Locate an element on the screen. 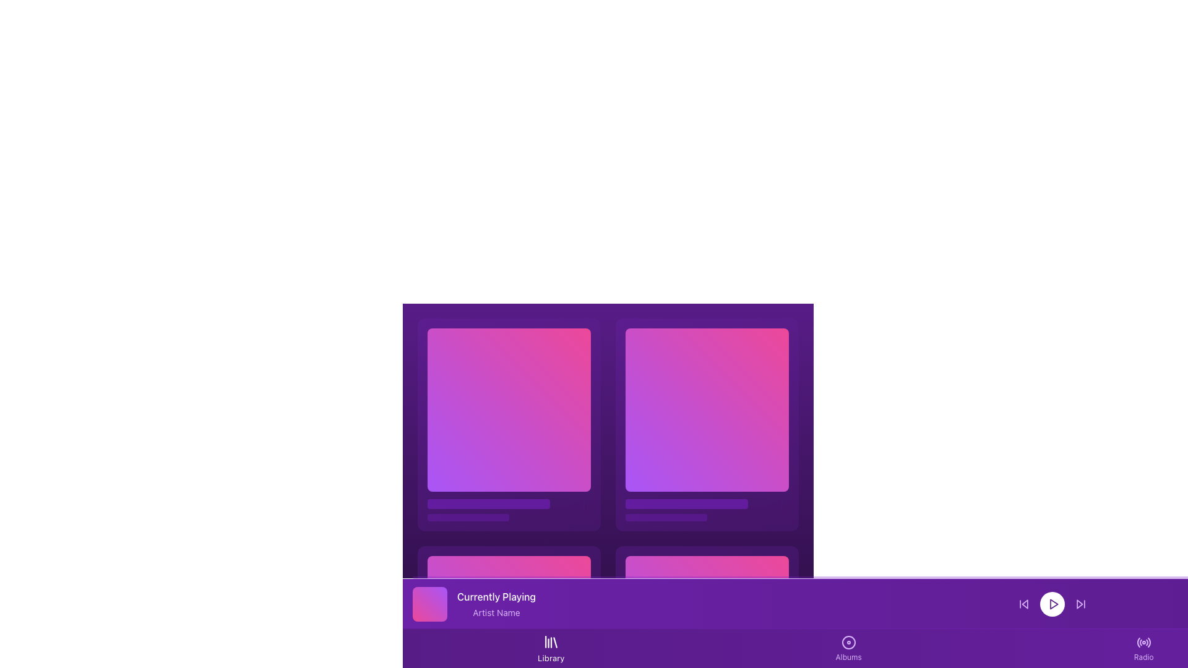  the 'Albums' Navigation Button, which features a circular album disc icon and a lighter purple text label, located second from the left on the bottom navigation bar is located at coordinates (848, 648).